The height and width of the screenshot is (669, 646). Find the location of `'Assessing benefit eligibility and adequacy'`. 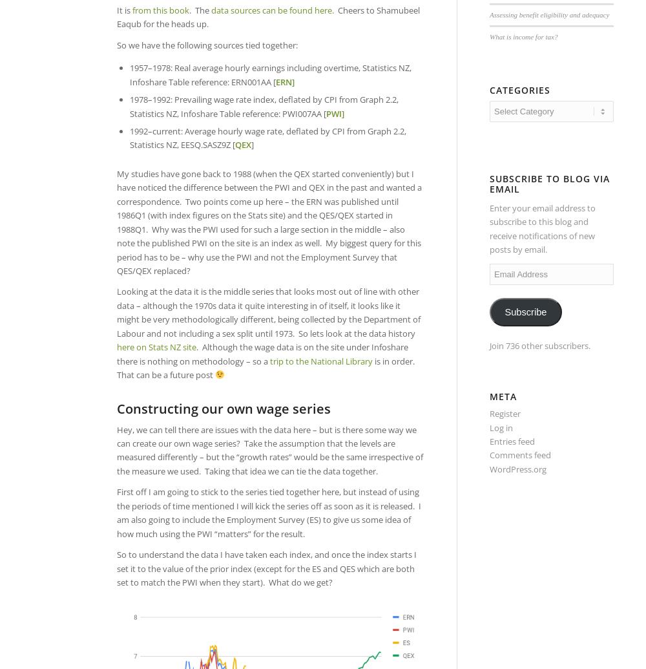

'Assessing benefit eligibility and adequacy' is located at coordinates (548, 14).